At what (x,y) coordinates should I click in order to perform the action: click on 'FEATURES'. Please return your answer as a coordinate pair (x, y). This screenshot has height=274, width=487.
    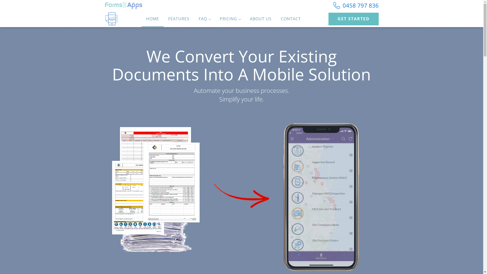
    Looking at the image, I should click on (179, 19).